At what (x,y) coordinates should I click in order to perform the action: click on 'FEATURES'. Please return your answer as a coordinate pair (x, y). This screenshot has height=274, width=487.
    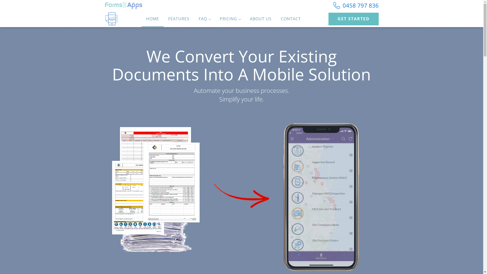
    Looking at the image, I should click on (179, 19).